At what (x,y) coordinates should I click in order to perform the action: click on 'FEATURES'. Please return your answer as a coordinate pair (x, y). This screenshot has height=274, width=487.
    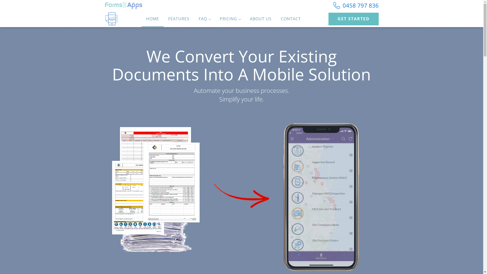
    Looking at the image, I should click on (179, 19).